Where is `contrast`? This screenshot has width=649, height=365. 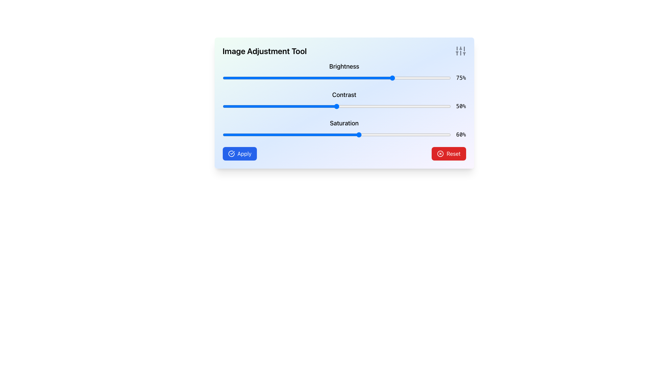 contrast is located at coordinates (337, 106).